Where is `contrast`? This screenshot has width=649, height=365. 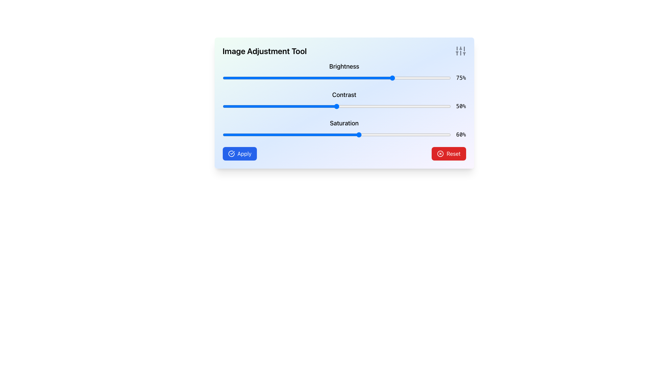 contrast is located at coordinates (337, 106).